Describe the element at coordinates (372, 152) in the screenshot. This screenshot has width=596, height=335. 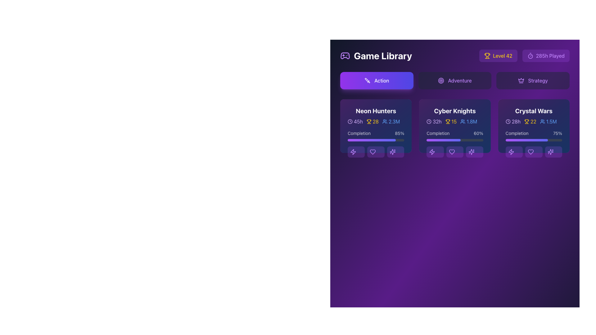
I see `the heart icon button outlined in purple with a rounded purple background, located near the bottom of the 'Neon Hunters' game card` at that location.